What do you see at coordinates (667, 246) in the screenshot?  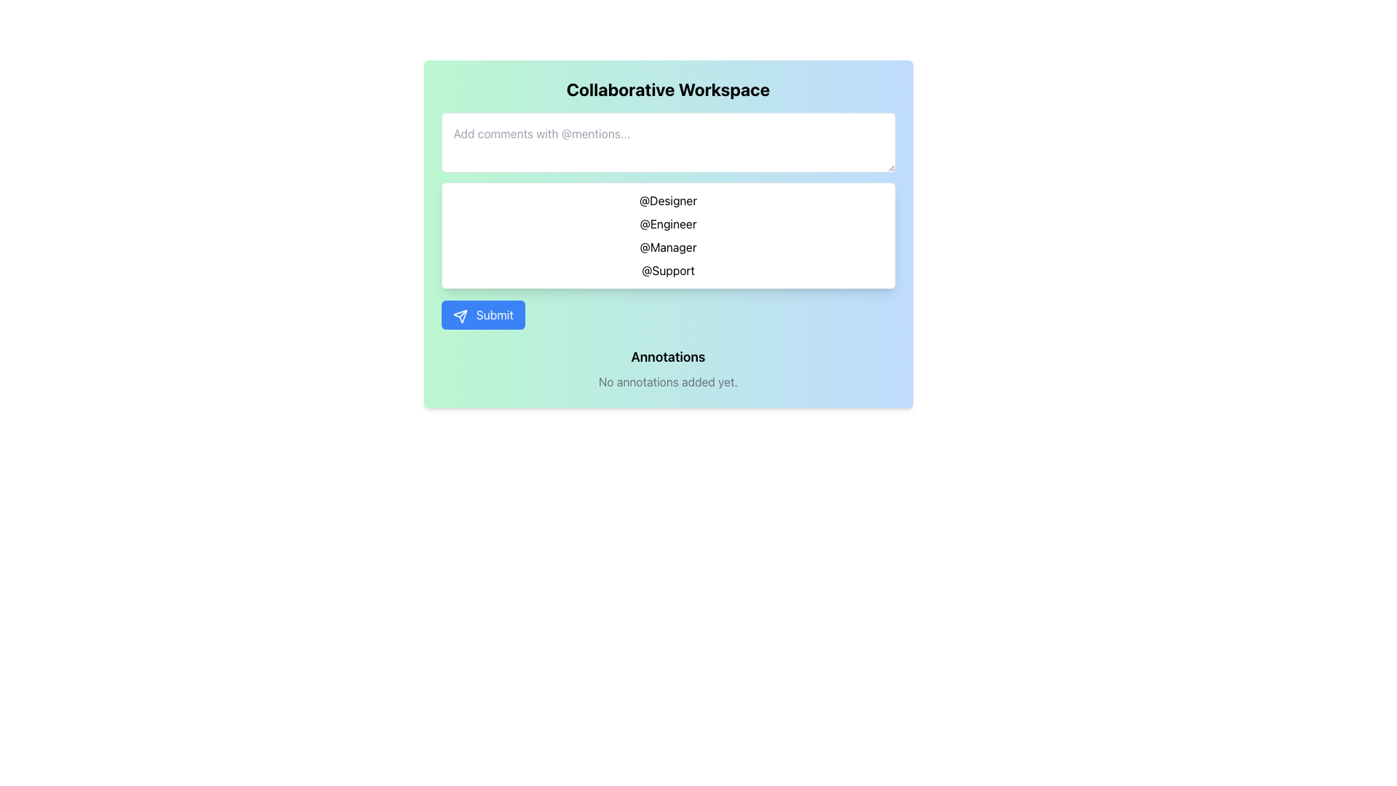 I see `the '@Manager' list item` at bounding box center [667, 246].